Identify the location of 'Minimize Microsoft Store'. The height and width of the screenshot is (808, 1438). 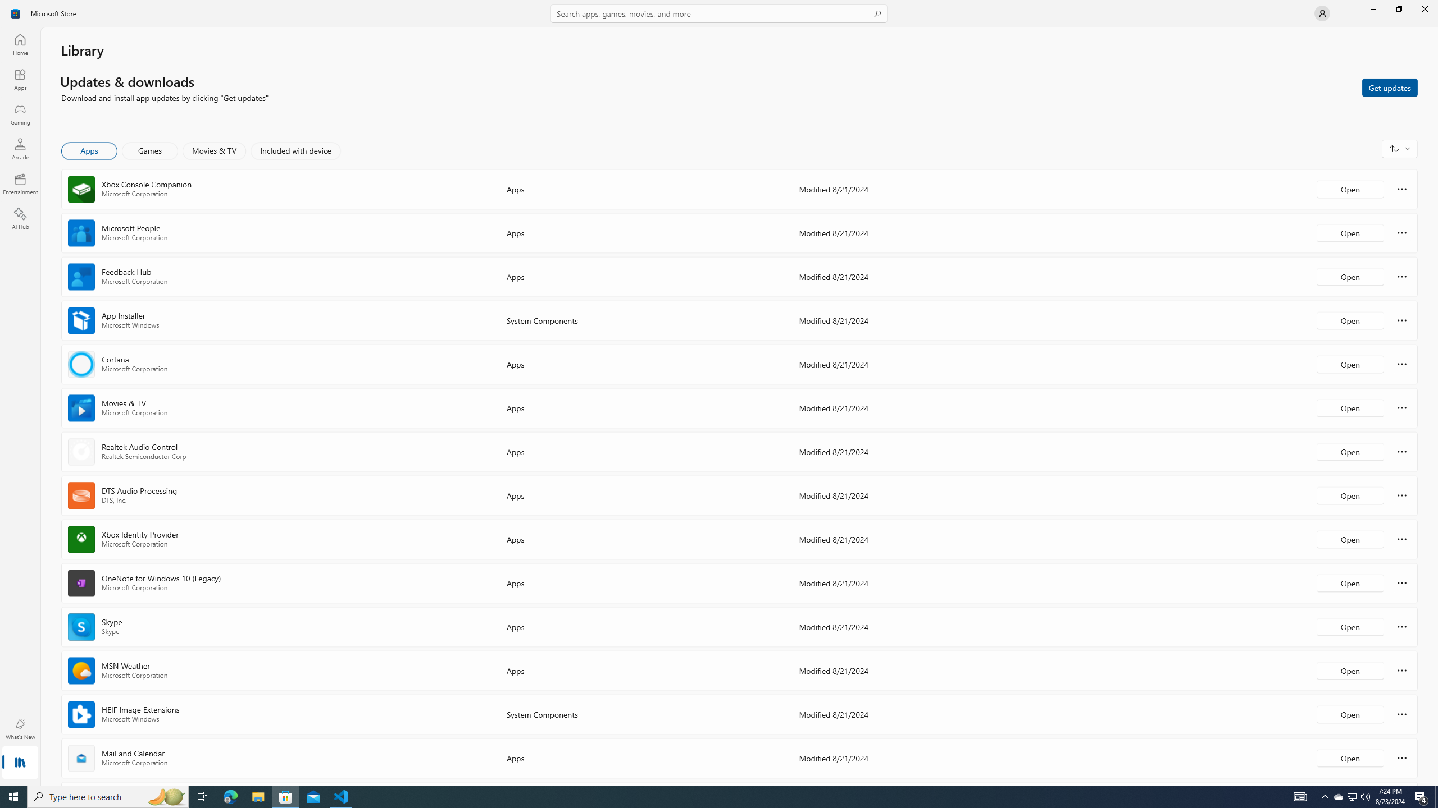
(1372, 8).